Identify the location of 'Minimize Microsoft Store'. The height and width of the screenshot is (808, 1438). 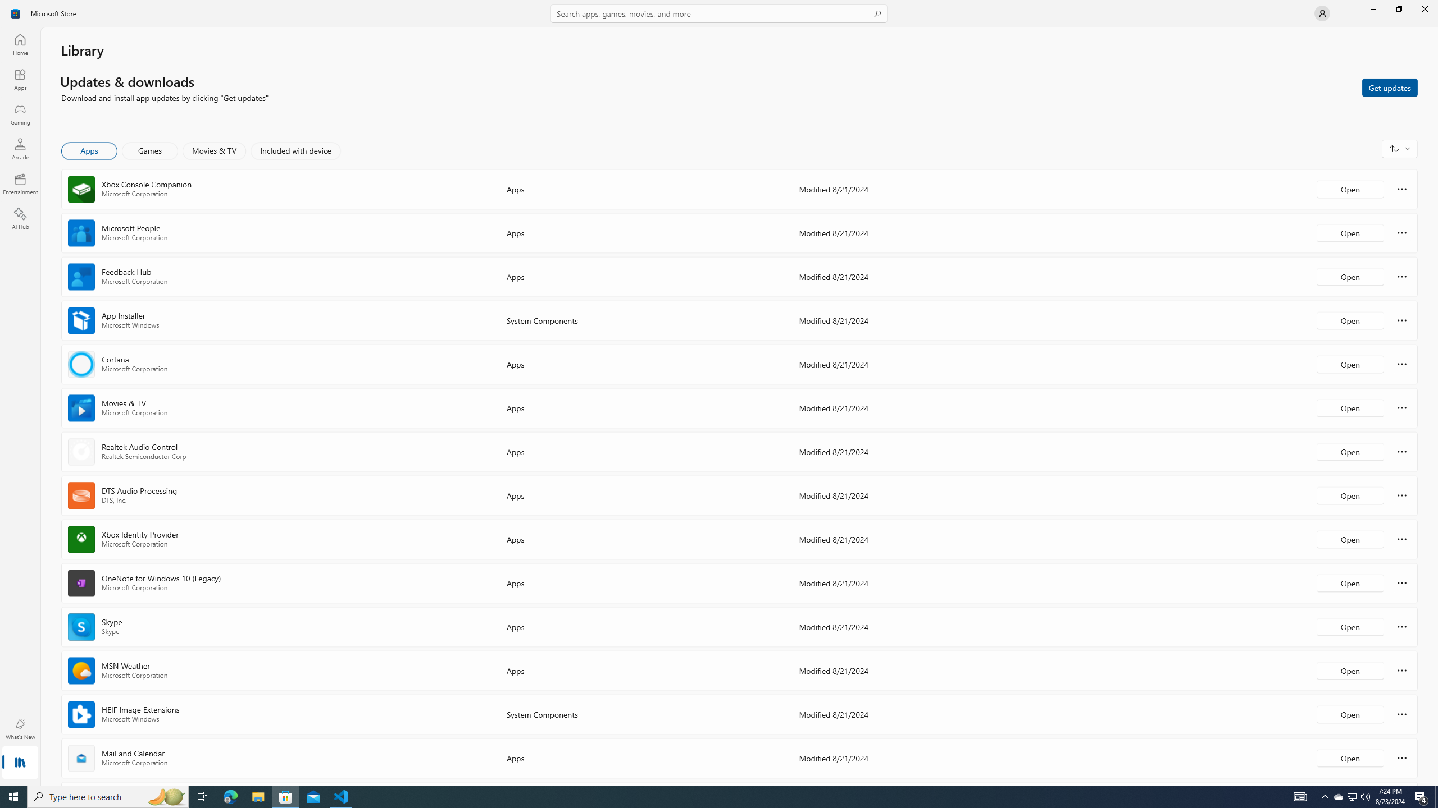
(1372, 8).